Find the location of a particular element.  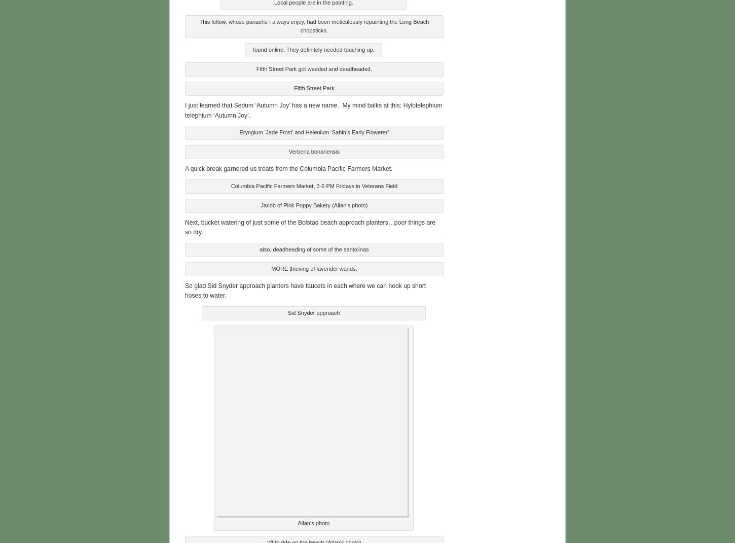

'A quick break garnered us treats from the Columbia Pacific Farmers Market.' is located at coordinates (288, 167).